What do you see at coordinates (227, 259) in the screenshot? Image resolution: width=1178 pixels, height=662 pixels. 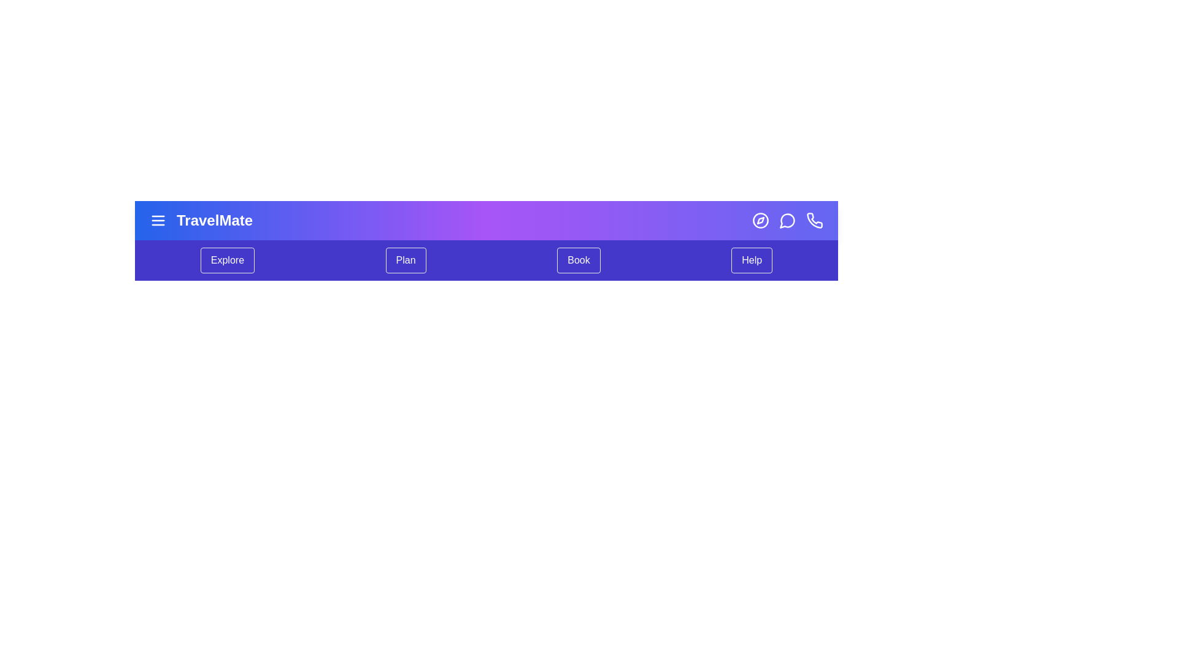 I see `the 'Explore' menu item in the navigation bar` at bounding box center [227, 259].